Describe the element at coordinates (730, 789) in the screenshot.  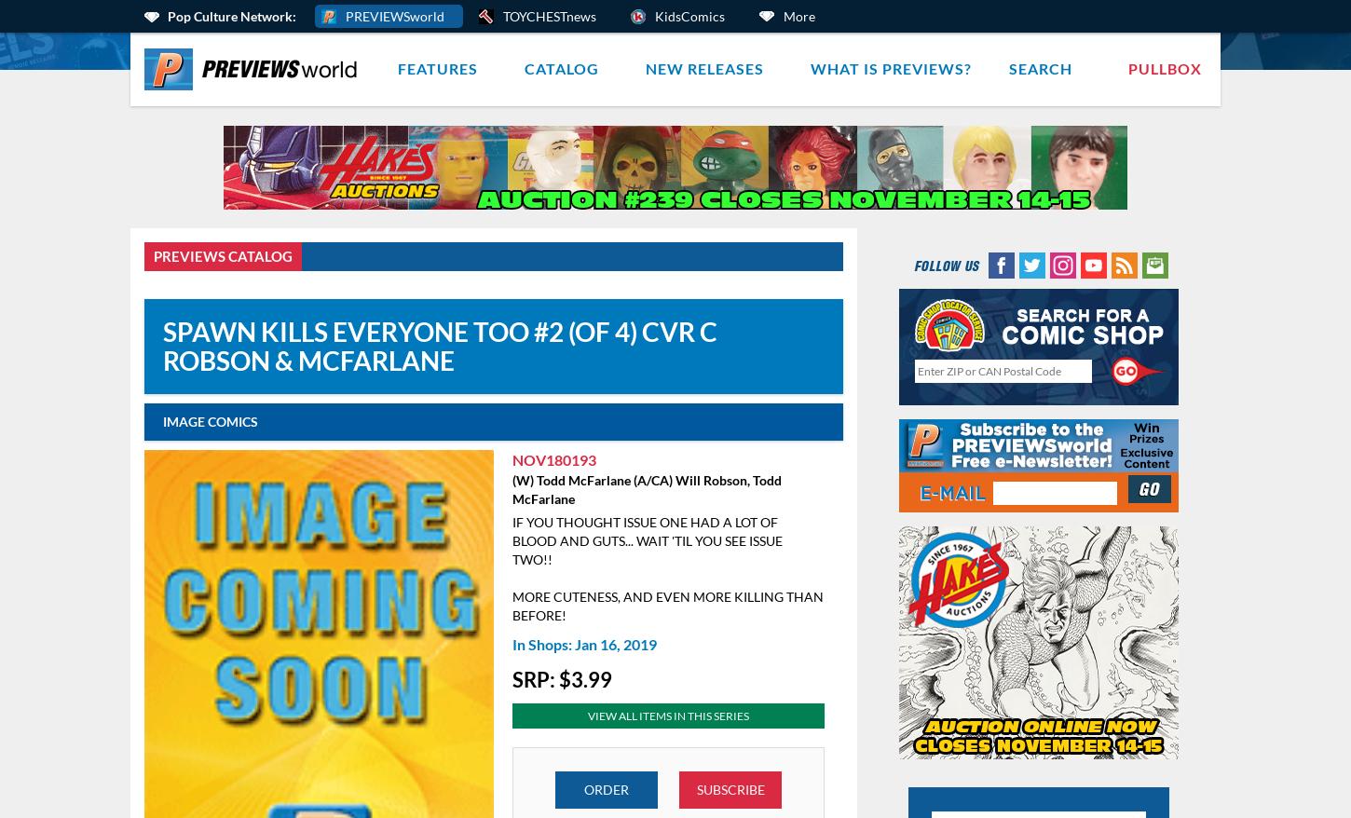
I see `'SUBSCRIBE'` at that location.